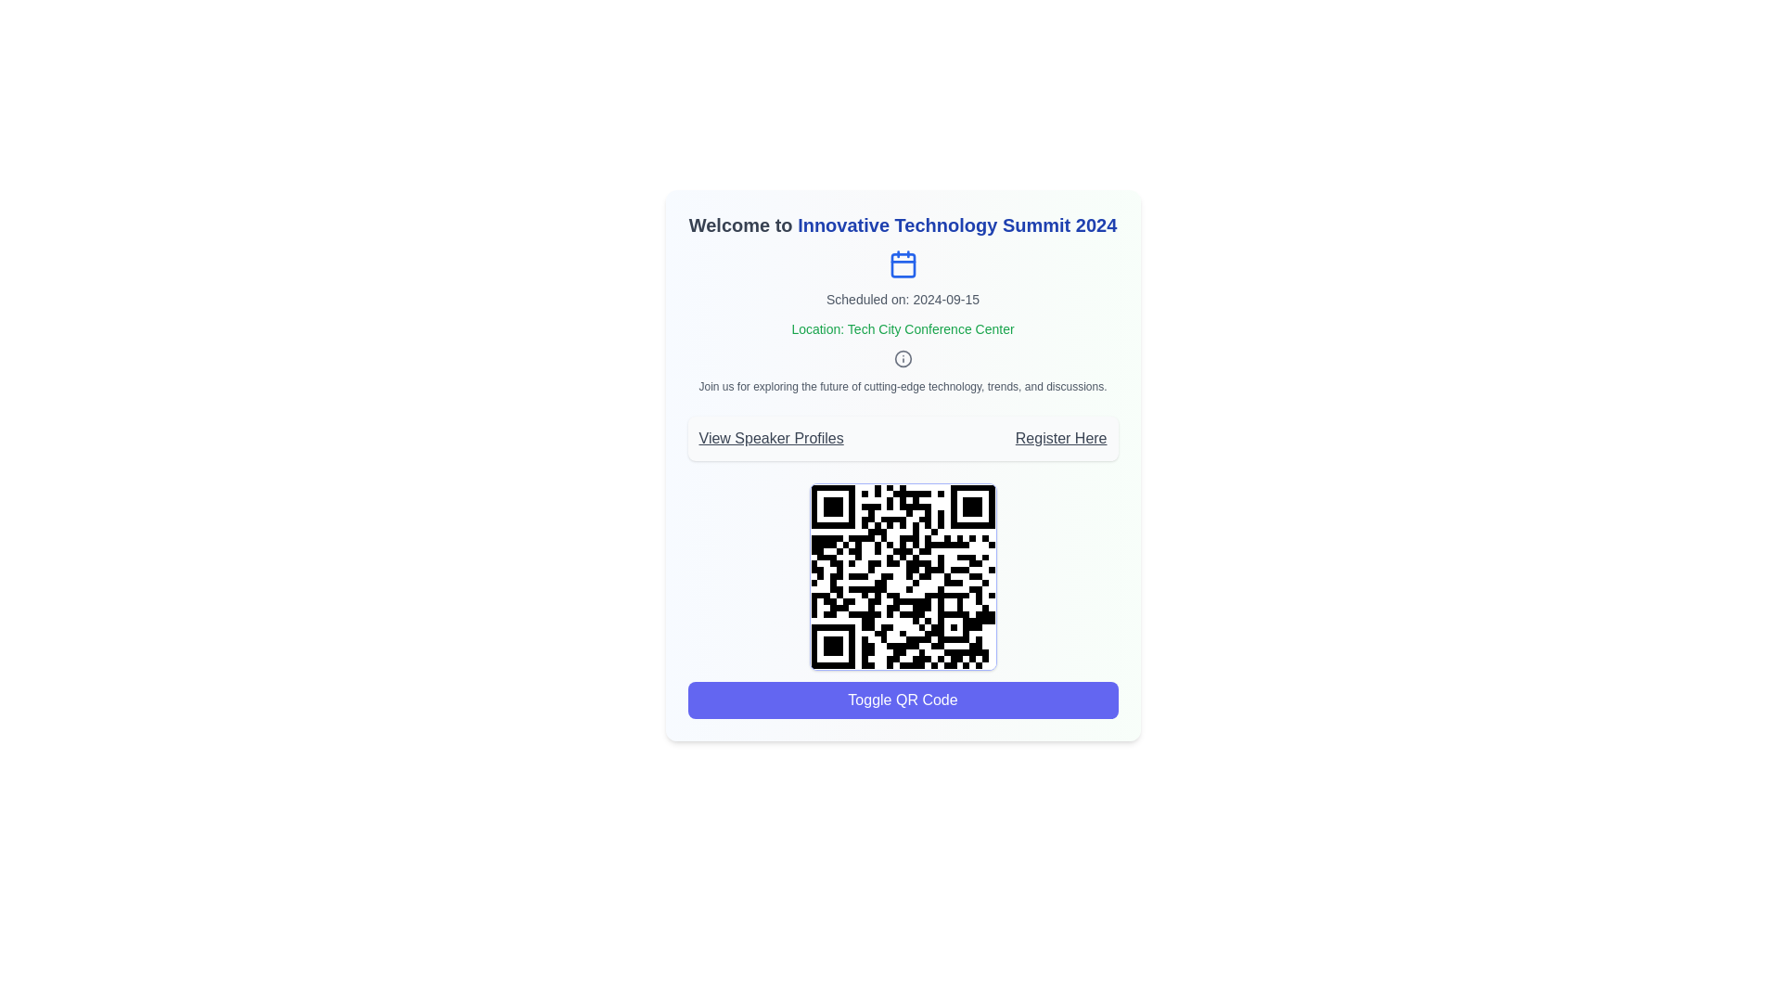  I want to click on the hyperlink that redirects users to the registration page, located to the right of 'View Speaker Profiles', so click(1061, 439).